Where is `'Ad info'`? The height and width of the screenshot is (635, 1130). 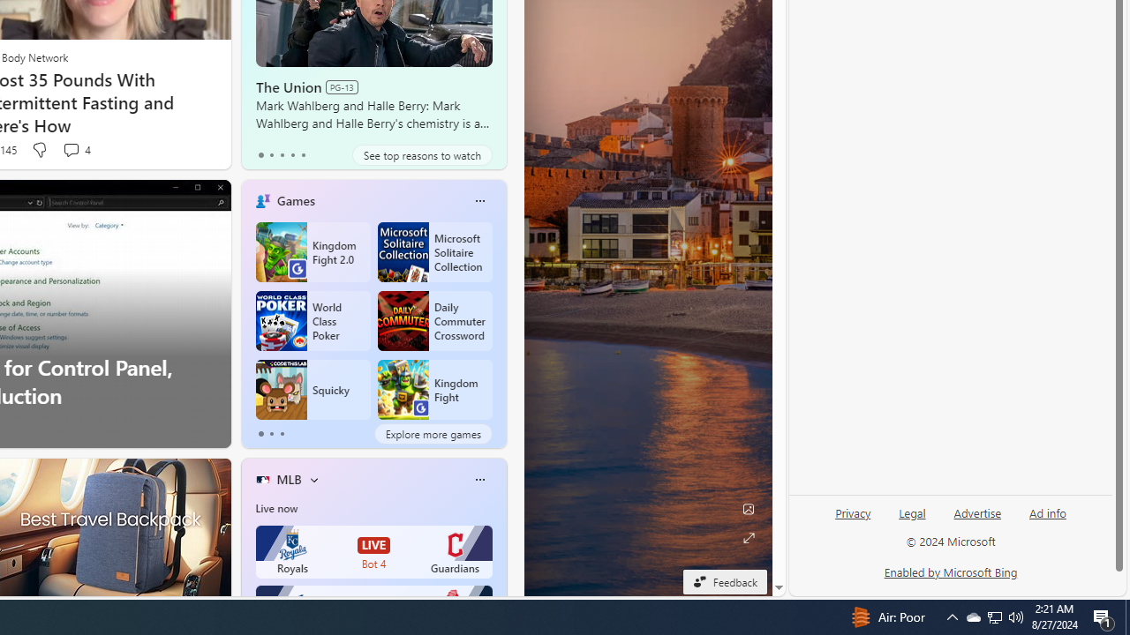
'Ad info' is located at coordinates (1047, 519).